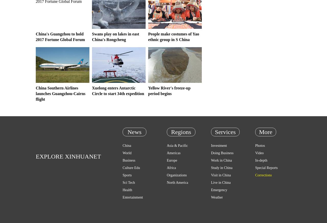 This screenshot has width=327, height=223. What do you see at coordinates (265, 132) in the screenshot?
I see `'More'` at bounding box center [265, 132].